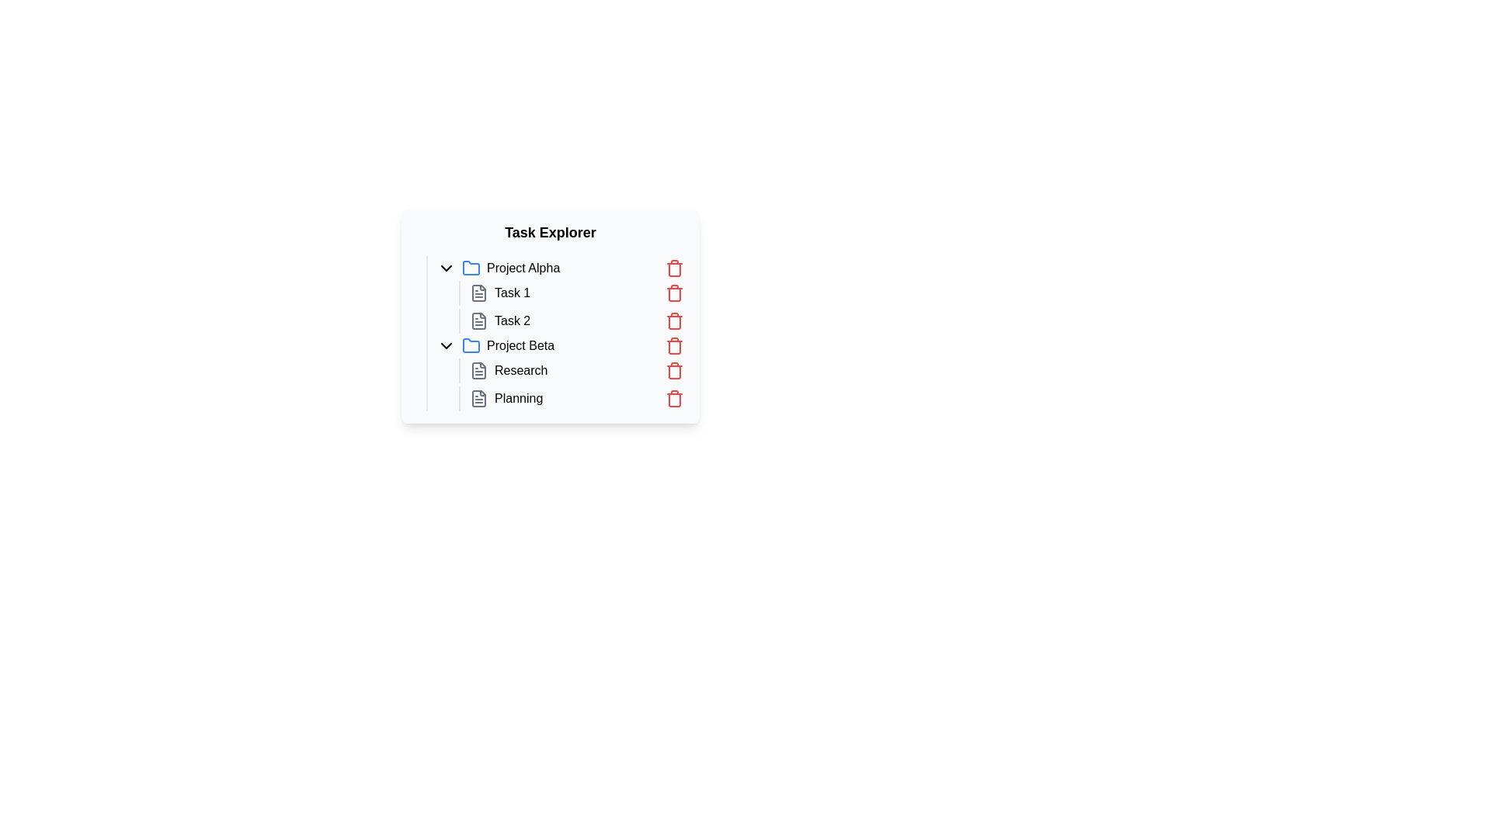 The image size is (1491, 838). Describe the element at coordinates (513, 320) in the screenshot. I see `the non-interactive text label indicating 'Task 2' within the 'Project Alpha' folder in the task management system` at that location.